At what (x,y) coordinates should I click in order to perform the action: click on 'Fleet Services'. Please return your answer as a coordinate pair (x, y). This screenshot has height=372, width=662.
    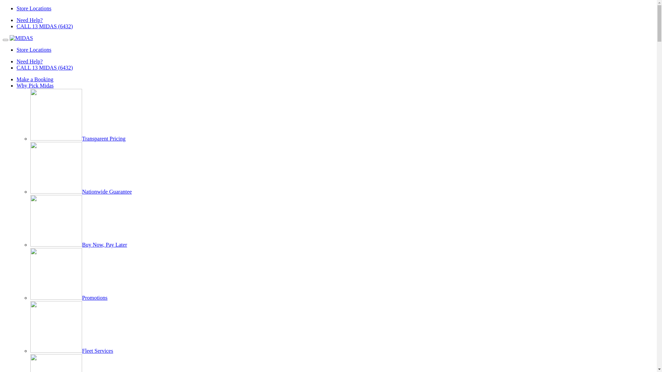
    Looking at the image, I should click on (71, 351).